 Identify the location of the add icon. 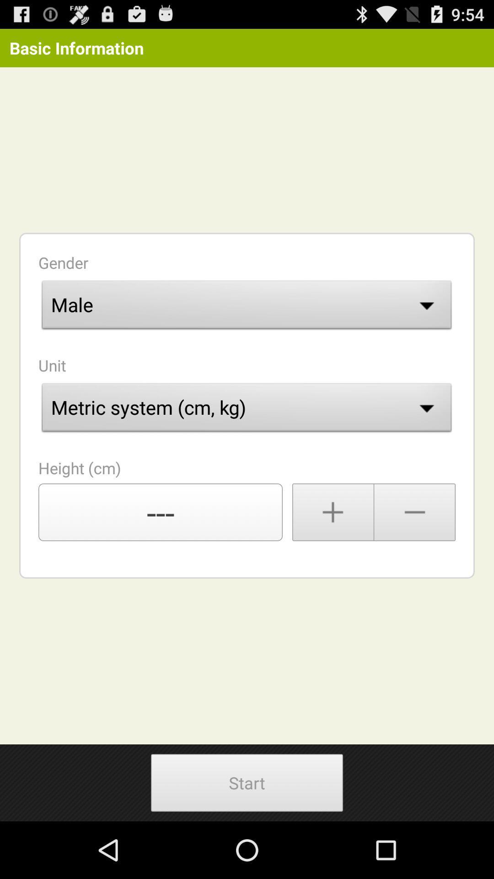
(333, 548).